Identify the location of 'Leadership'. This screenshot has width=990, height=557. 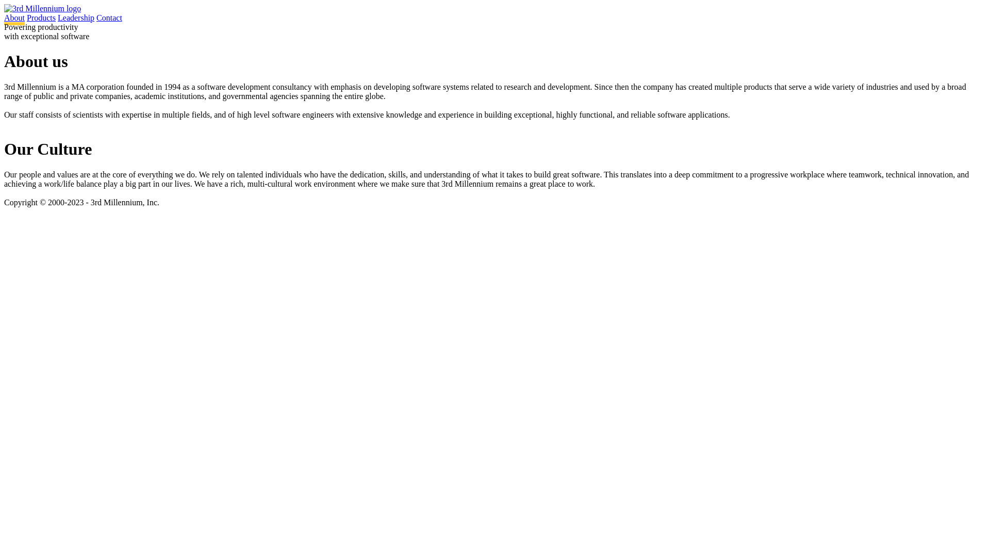
(75, 18).